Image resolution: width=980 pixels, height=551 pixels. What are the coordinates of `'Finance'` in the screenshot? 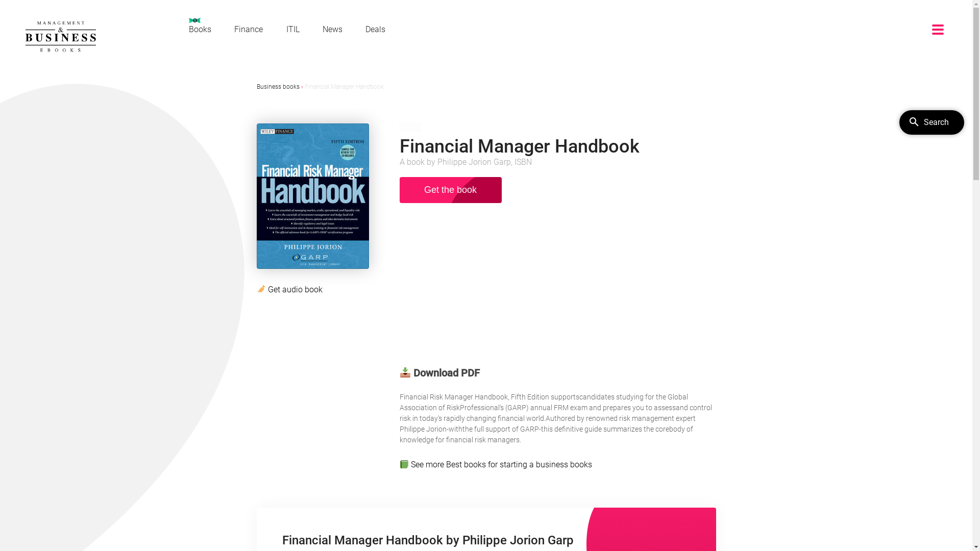 It's located at (248, 29).